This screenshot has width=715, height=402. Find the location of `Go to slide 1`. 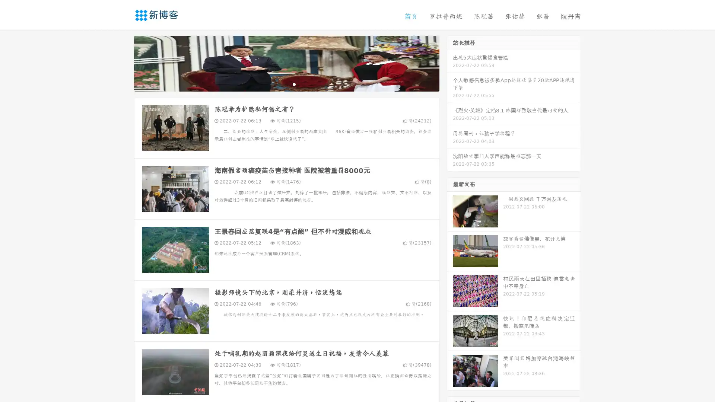

Go to slide 1 is located at coordinates (279, 84).